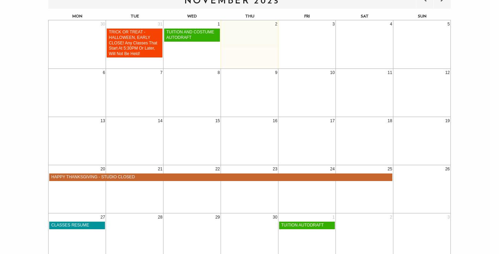  Describe the element at coordinates (157, 217) in the screenshot. I see `'28'` at that location.